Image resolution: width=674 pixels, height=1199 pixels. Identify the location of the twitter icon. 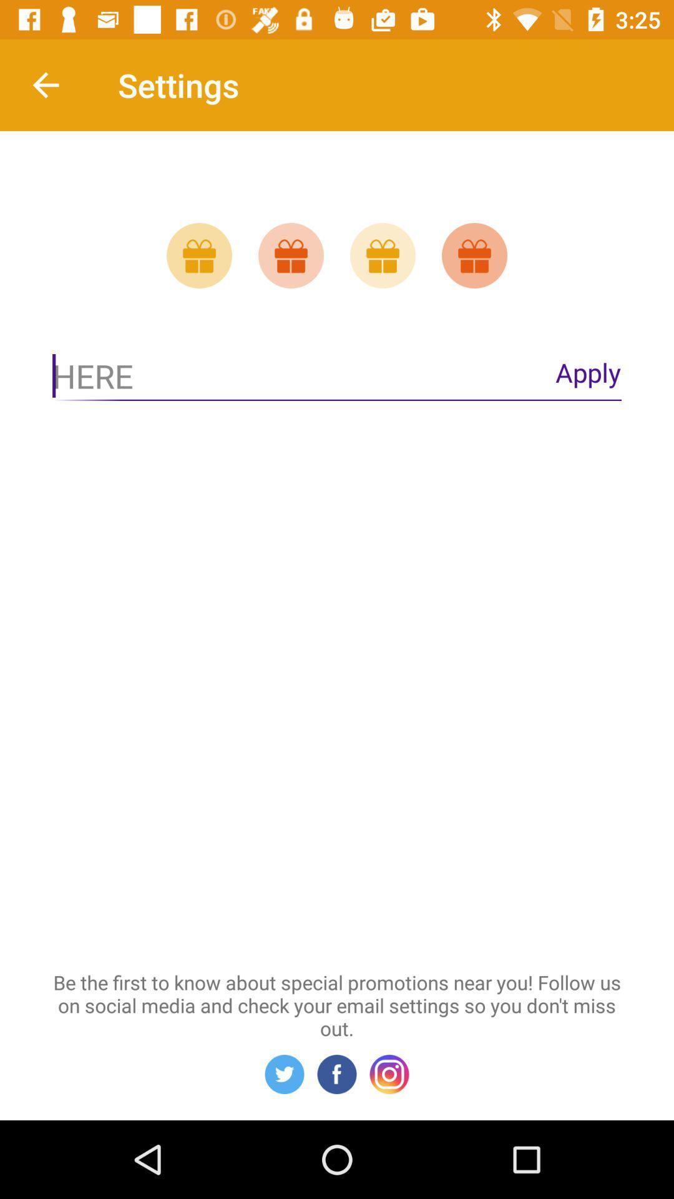
(284, 1073).